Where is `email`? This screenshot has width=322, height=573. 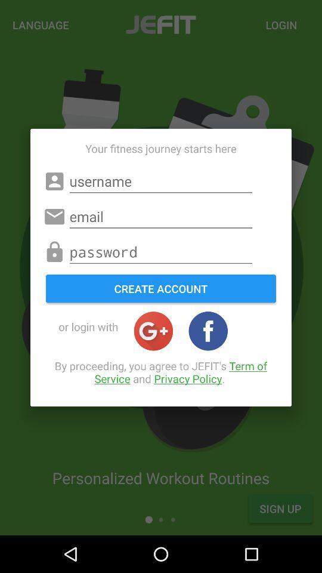
email is located at coordinates (161, 216).